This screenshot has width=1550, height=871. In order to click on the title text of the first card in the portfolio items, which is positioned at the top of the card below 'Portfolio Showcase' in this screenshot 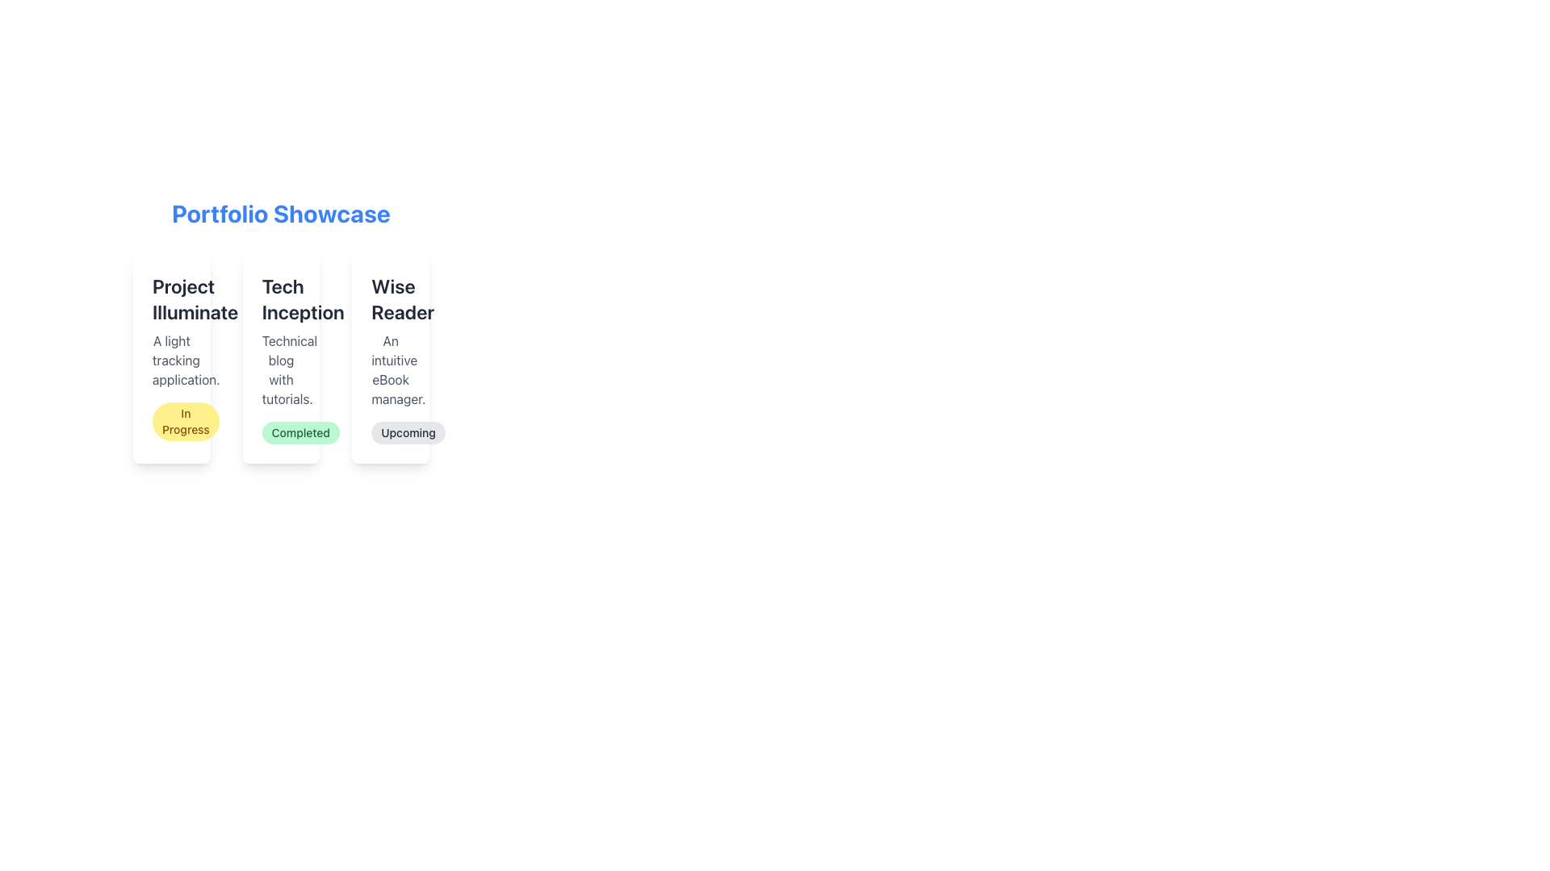, I will do `click(171, 298)`.